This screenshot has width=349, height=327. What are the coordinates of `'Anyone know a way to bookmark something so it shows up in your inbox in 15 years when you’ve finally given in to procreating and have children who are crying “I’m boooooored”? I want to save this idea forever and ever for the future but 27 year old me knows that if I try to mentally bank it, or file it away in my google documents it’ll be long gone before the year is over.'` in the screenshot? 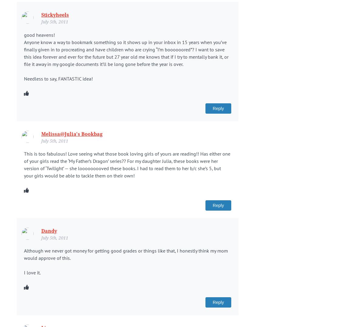 It's located at (126, 53).